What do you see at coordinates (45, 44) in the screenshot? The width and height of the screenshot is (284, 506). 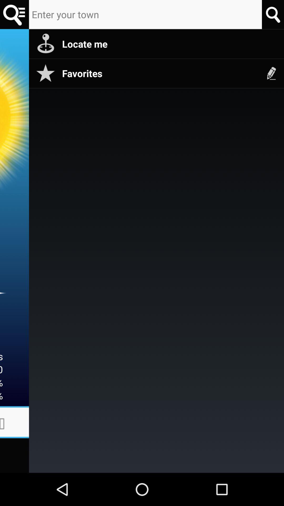 I see `the icon before locate me on the page` at bounding box center [45, 44].